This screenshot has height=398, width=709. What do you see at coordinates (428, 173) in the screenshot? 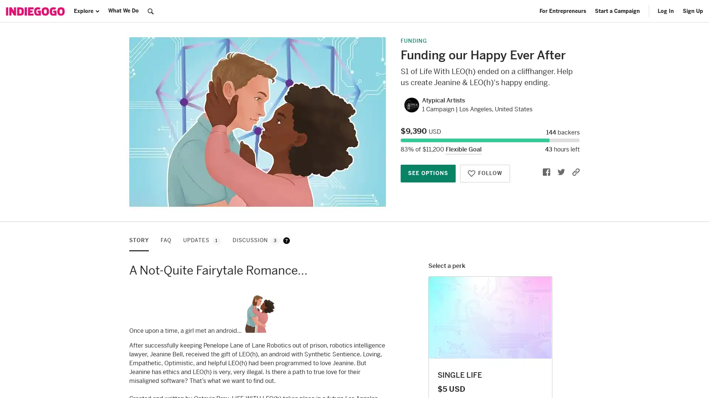
I see `SEE OPTIONS` at bounding box center [428, 173].